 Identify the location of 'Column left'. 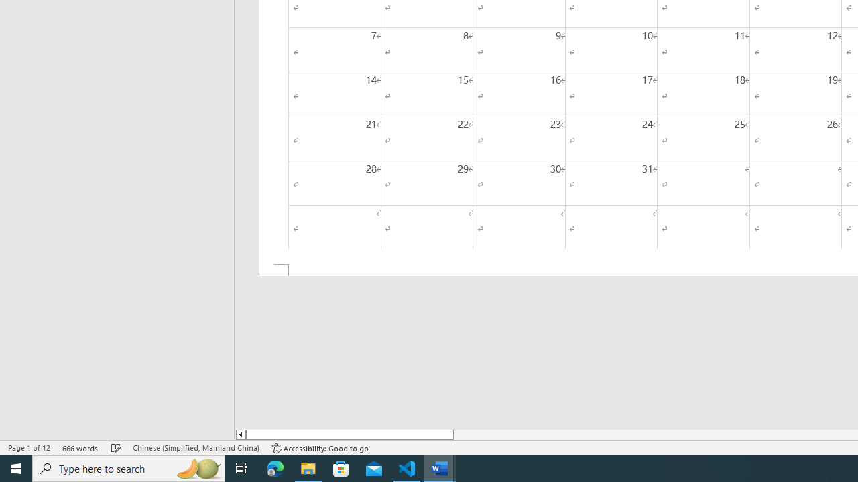
(240, 434).